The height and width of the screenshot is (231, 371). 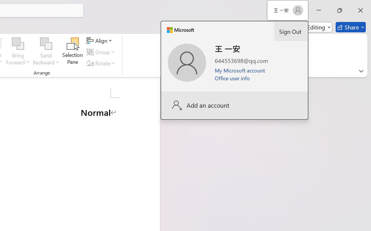 I want to click on 'Group', so click(x=102, y=52).